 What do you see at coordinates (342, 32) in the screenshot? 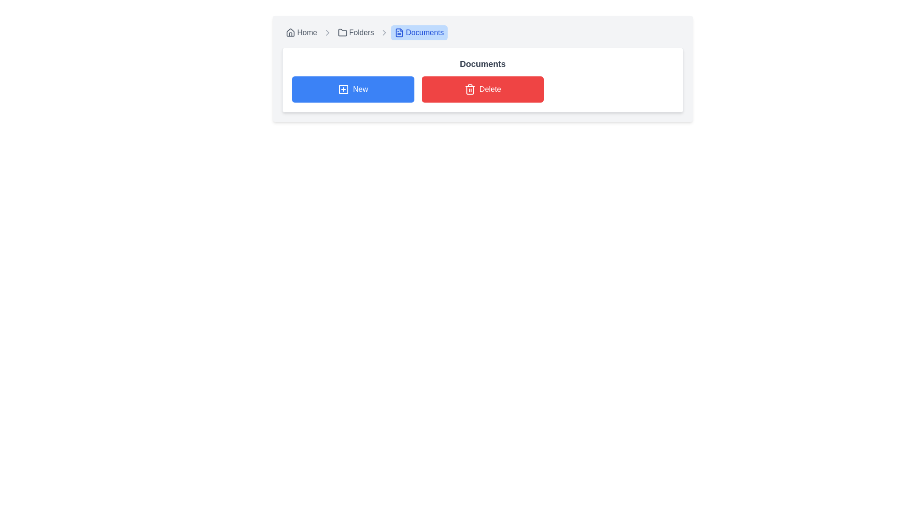
I see `the 'Folders' breadcrumb icon located in the breadcrumb navigation bar, positioned between the home icon and the document icon` at bounding box center [342, 32].